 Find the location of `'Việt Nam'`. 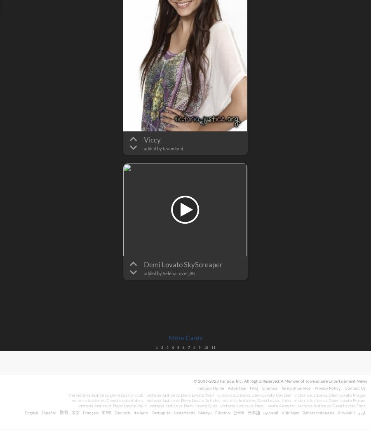

'Việt Nam' is located at coordinates (281, 413).